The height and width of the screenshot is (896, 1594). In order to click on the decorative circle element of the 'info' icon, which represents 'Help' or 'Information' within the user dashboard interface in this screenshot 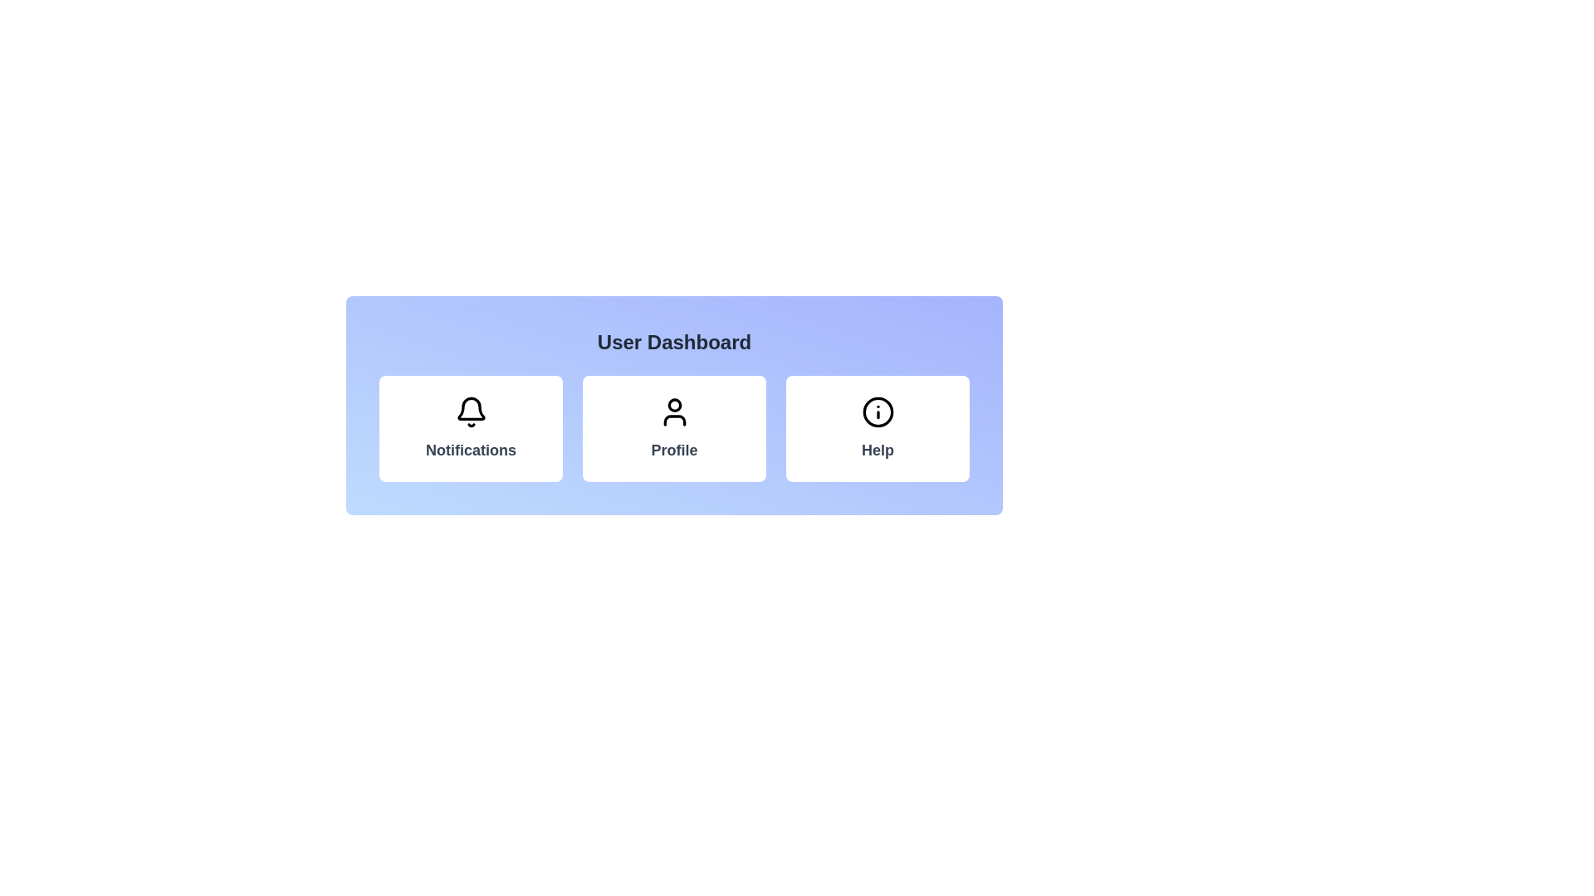, I will do `click(877, 411)`.